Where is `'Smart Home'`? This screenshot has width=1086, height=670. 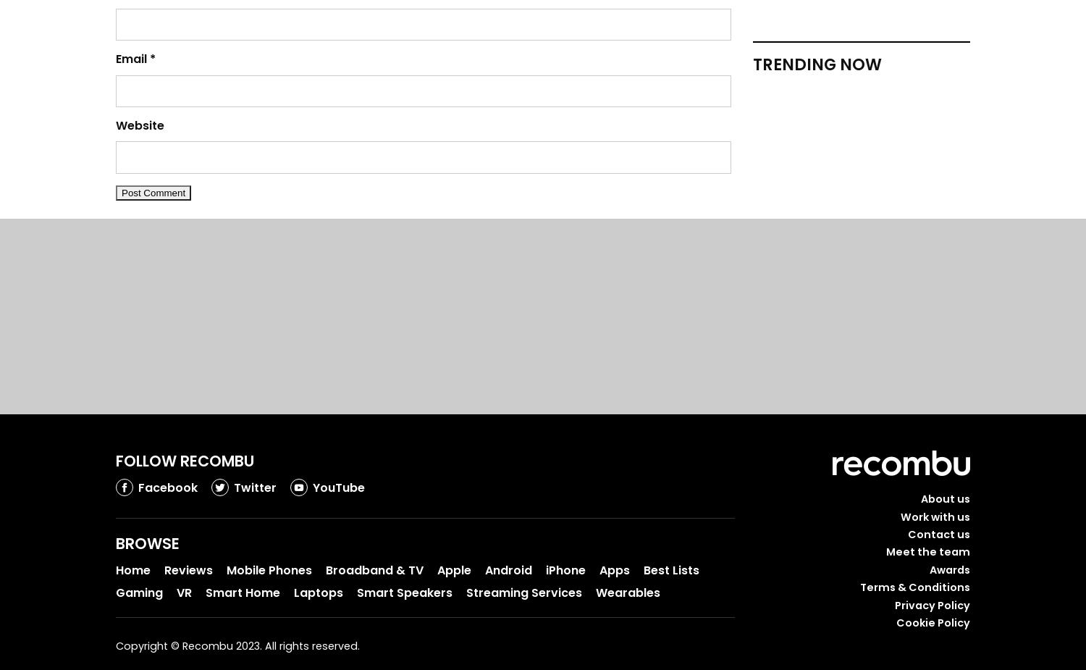
'Smart Home' is located at coordinates (242, 592).